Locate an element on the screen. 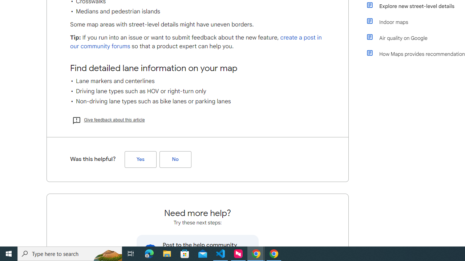  'Find detailed lane information on your map' is located at coordinates (198, 68).